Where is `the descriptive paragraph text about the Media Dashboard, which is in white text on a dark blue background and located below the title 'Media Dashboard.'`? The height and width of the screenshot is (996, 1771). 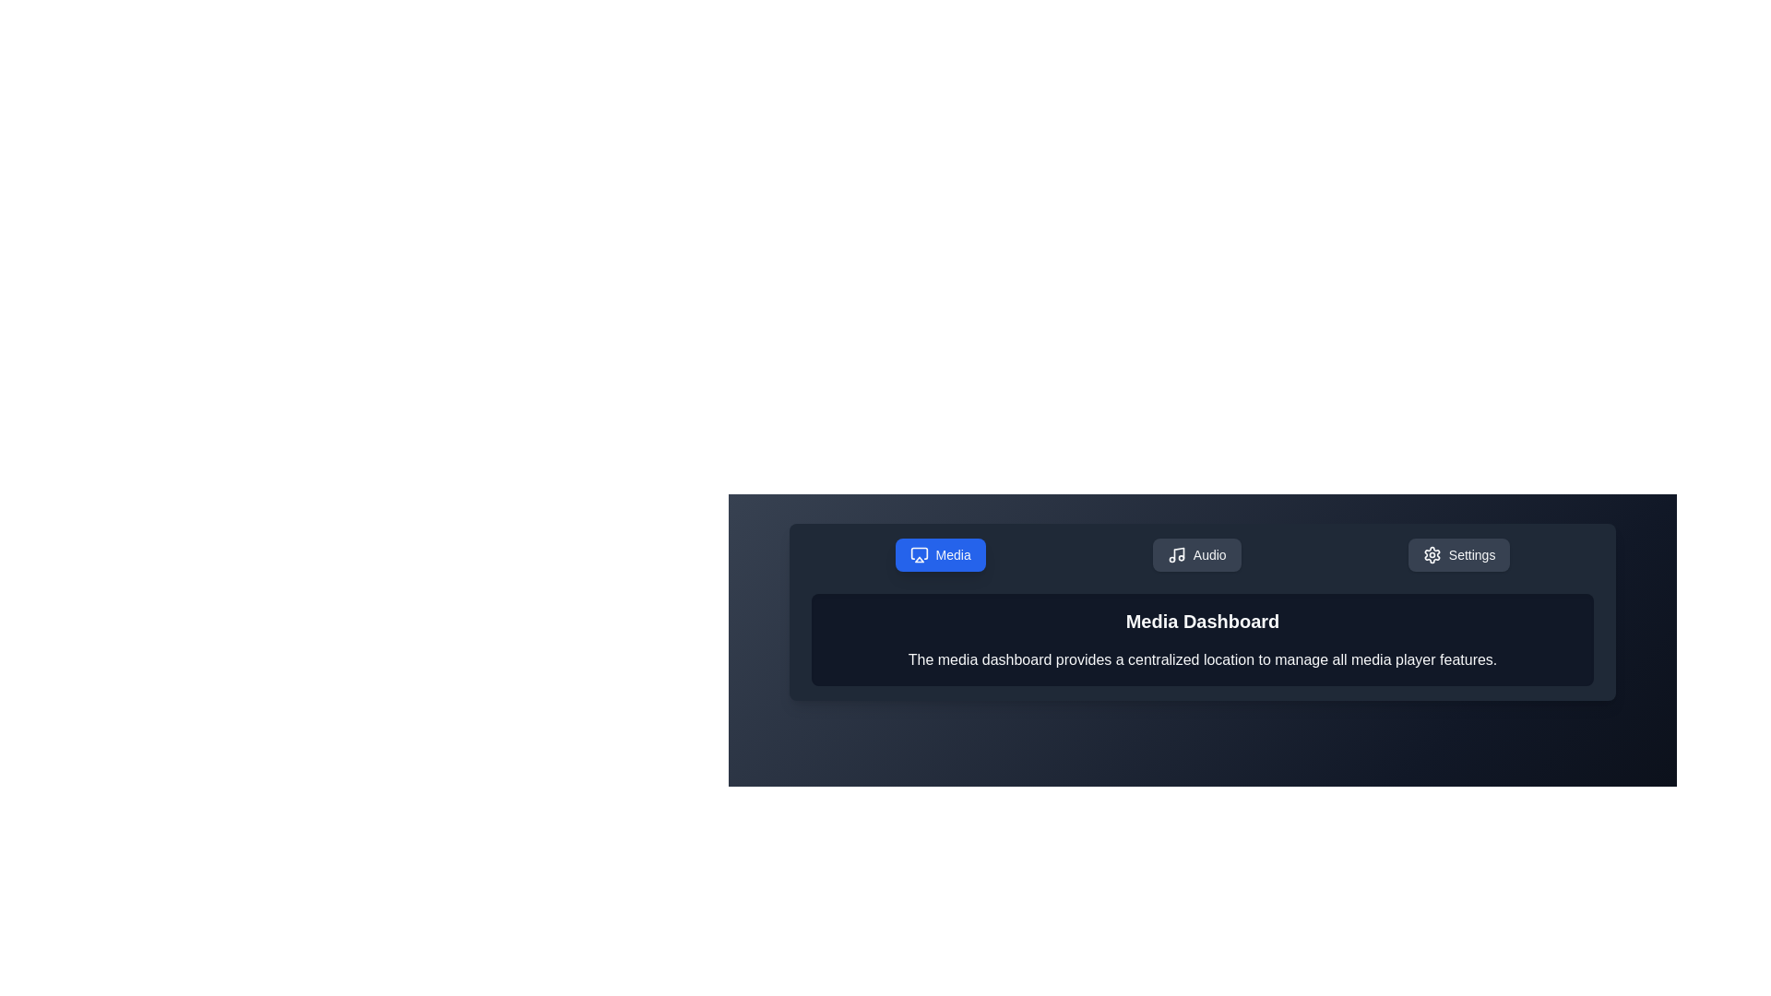 the descriptive paragraph text about the Media Dashboard, which is in white text on a dark blue background and located below the title 'Media Dashboard.' is located at coordinates (1203, 659).